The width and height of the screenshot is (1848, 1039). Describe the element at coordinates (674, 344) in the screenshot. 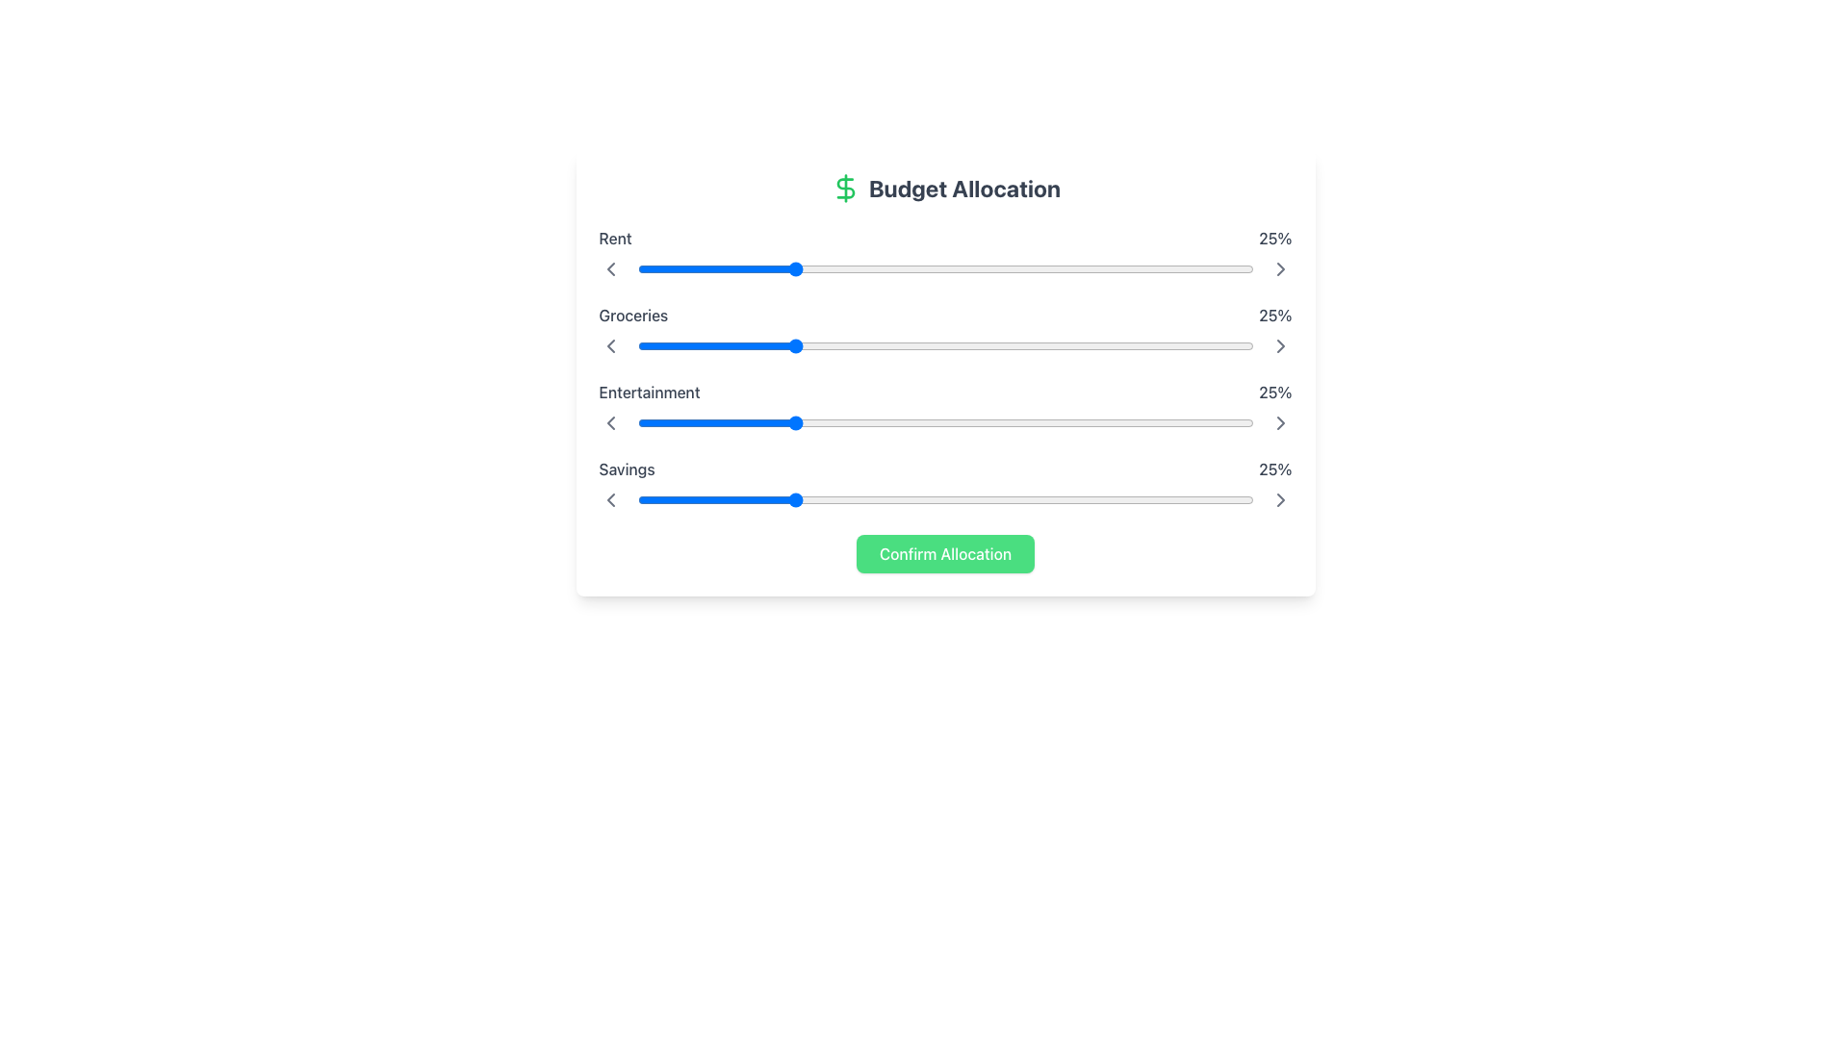

I see `the groceries allocation percentage` at that location.